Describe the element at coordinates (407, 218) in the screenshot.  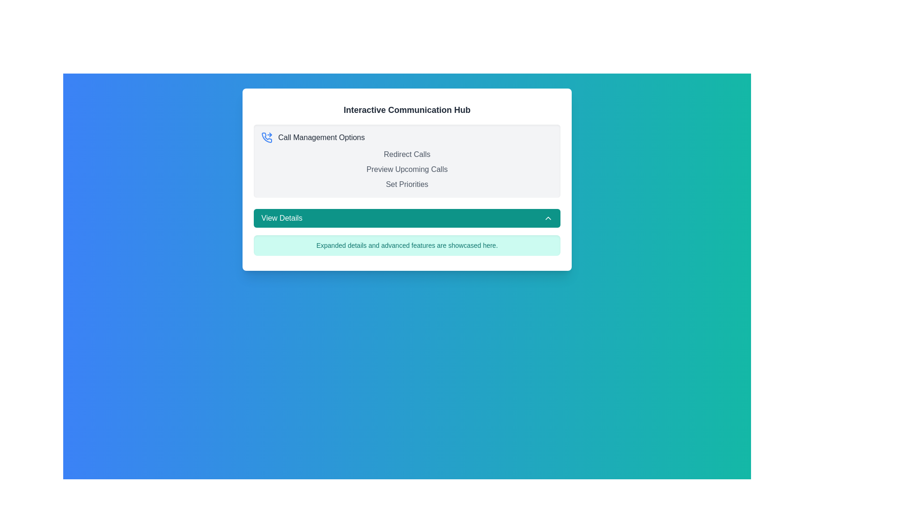
I see `the 'View Details' button located at the bottom of the 'Call Management Options' section` at that location.